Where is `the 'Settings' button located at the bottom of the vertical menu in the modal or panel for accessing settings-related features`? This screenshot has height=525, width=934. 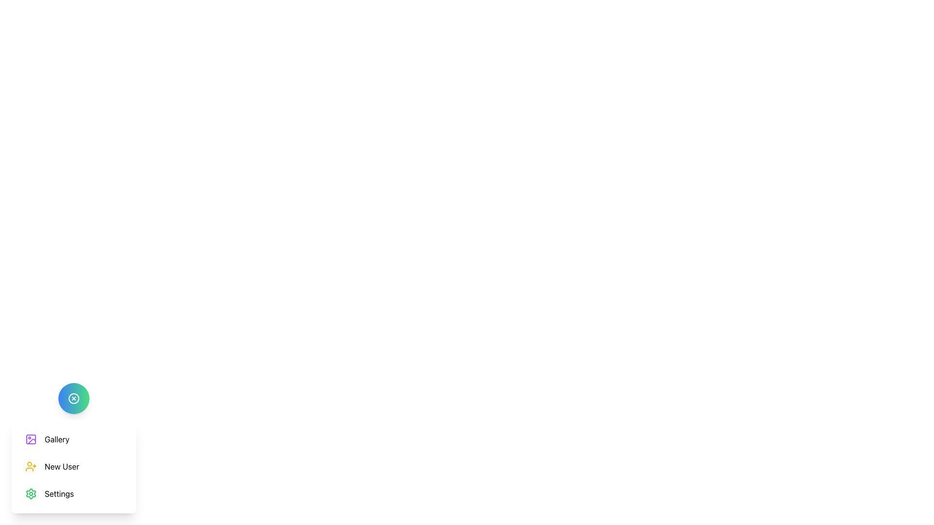
the 'Settings' button located at the bottom of the vertical menu in the modal or panel for accessing settings-related features is located at coordinates (49, 493).